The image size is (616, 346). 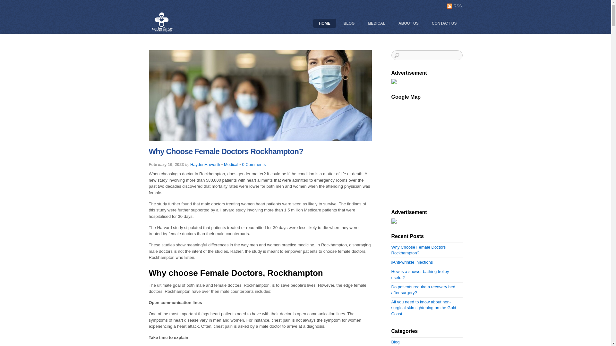 What do you see at coordinates (376, 23) in the screenshot?
I see `'MEDICAL'` at bounding box center [376, 23].